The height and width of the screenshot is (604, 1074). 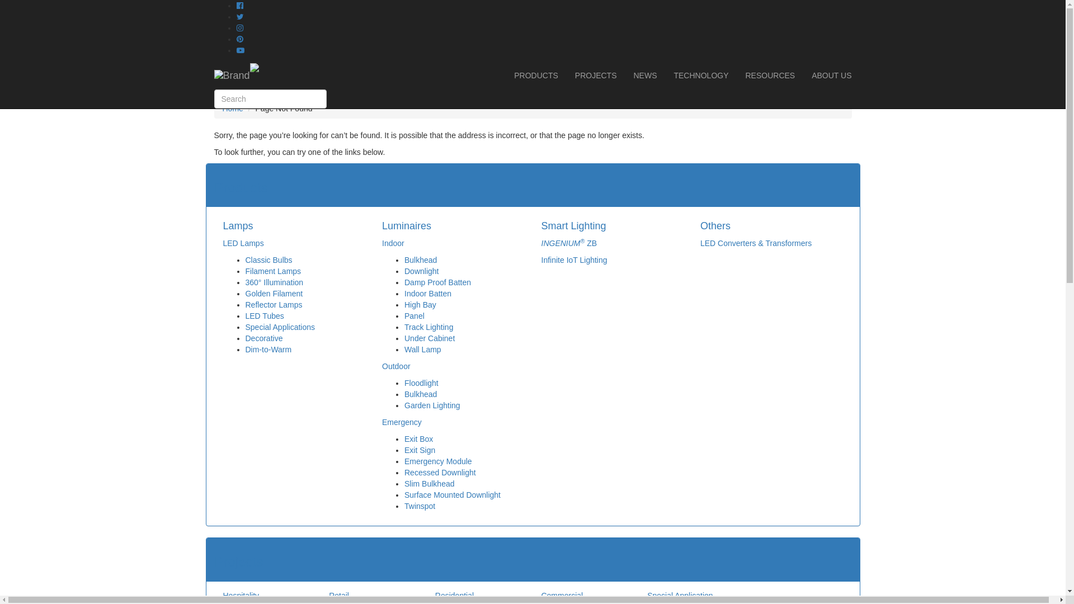 I want to click on 'High Bay', so click(x=420, y=304).